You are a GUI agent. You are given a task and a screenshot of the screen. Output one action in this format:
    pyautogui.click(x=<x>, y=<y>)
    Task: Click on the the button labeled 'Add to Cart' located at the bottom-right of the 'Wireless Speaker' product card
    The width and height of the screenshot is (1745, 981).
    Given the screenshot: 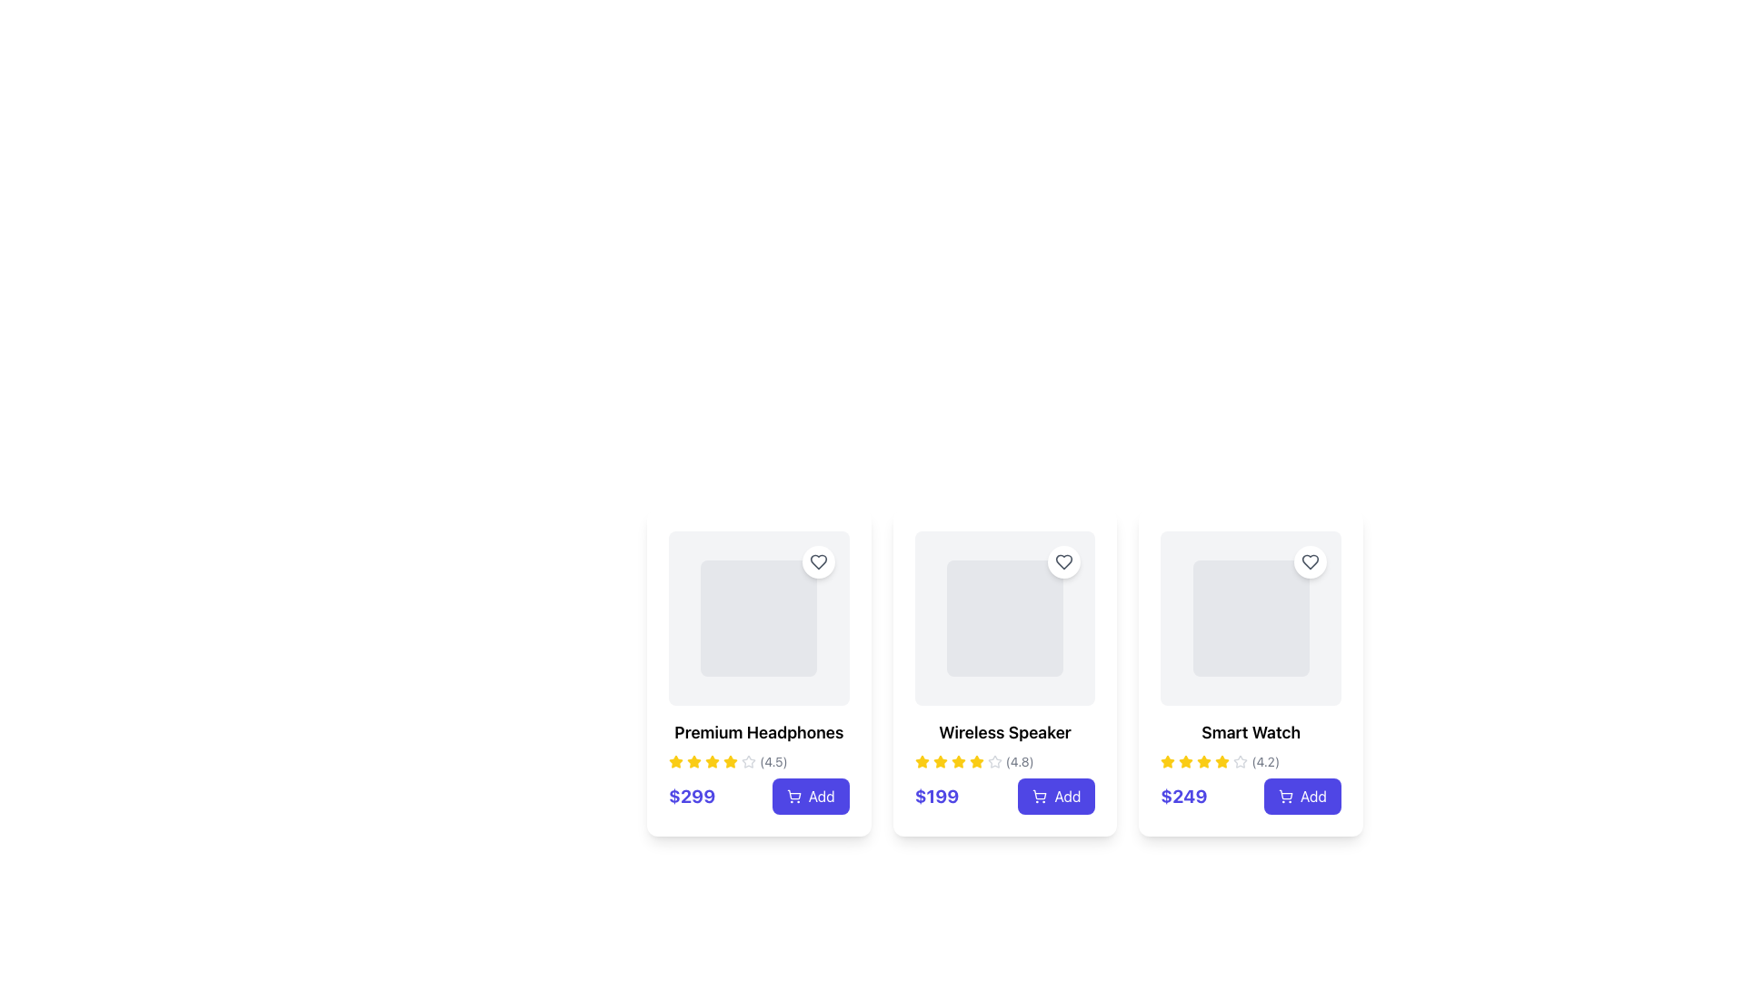 What is the action you would take?
    pyautogui.click(x=1067, y=795)
    